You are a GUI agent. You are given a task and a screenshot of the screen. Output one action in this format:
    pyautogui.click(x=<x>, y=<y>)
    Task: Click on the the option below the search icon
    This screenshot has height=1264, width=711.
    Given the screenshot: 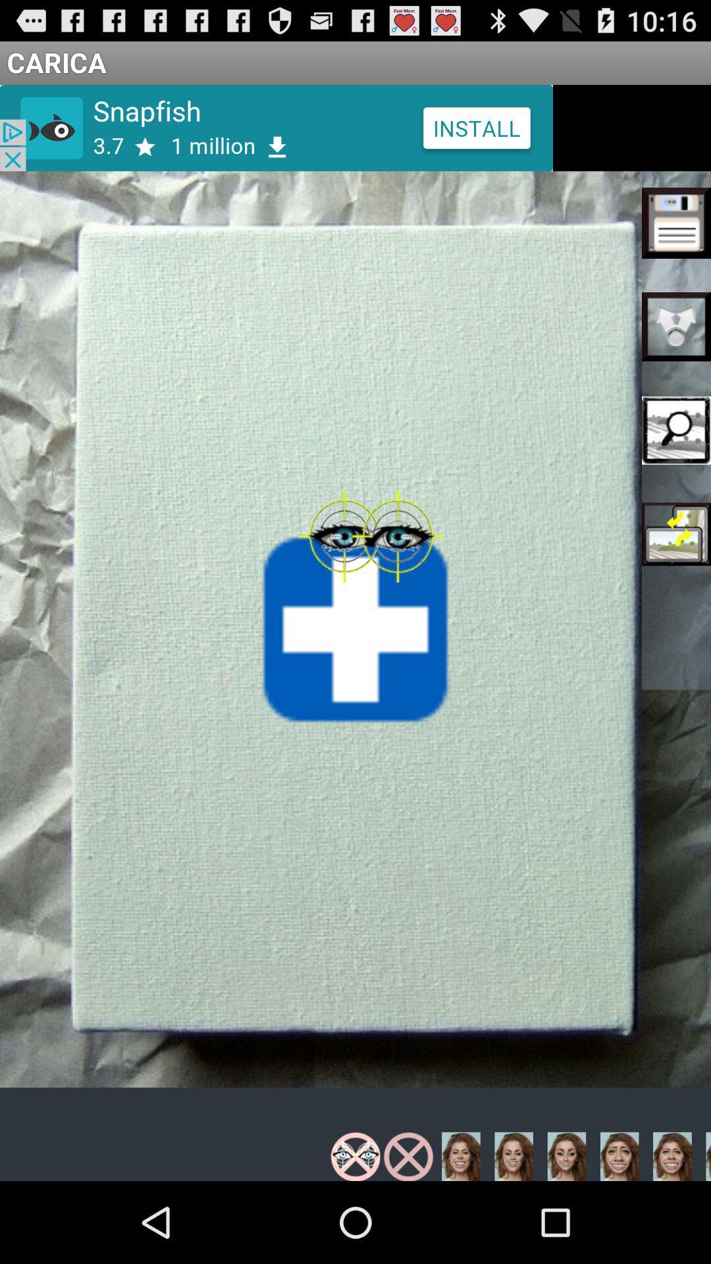 What is the action you would take?
    pyautogui.click(x=676, y=534)
    